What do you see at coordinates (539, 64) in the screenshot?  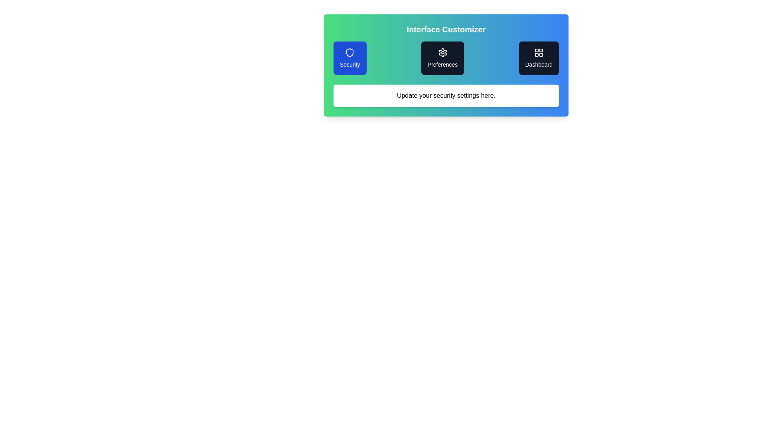 I see `the label text element that describes the functionality of the associated button in the dashboard, located below a grid layout icon within the 'Interface Customizer' section` at bounding box center [539, 64].